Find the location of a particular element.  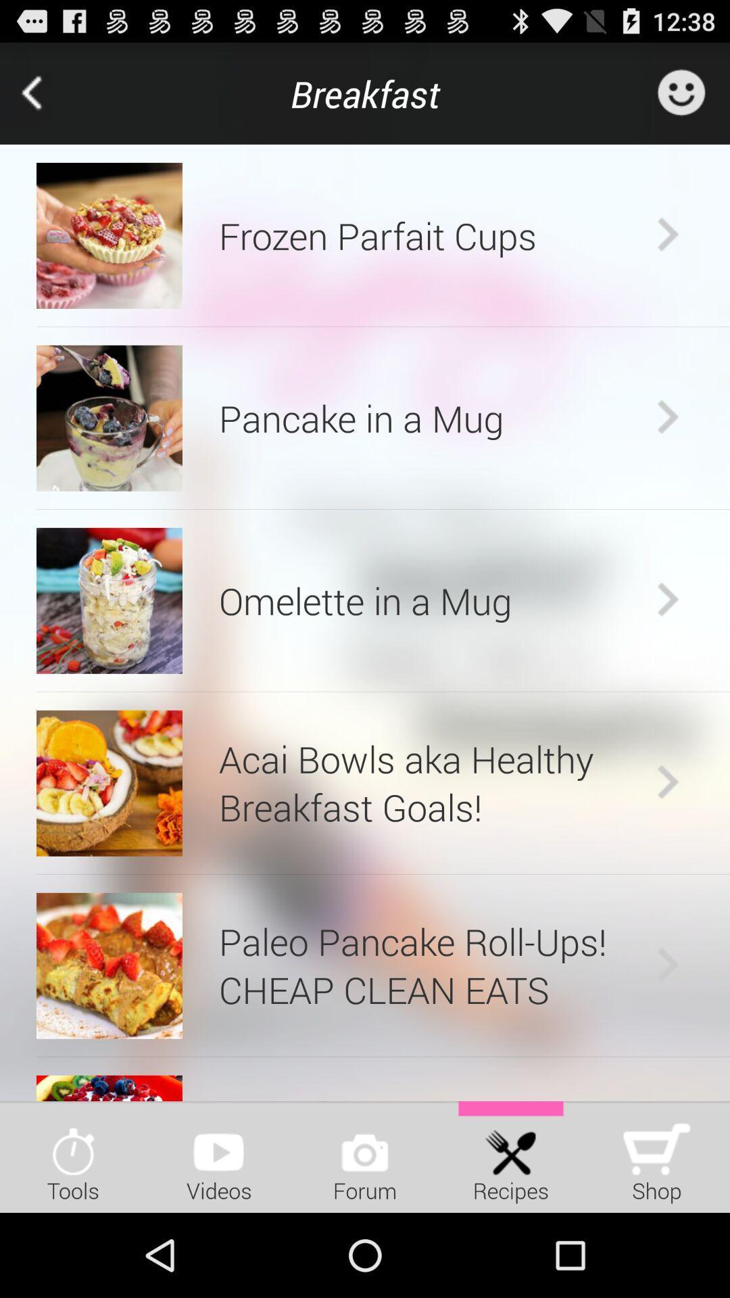

icon to the left of rainbow pancakes  item is located at coordinates (109, 1088).